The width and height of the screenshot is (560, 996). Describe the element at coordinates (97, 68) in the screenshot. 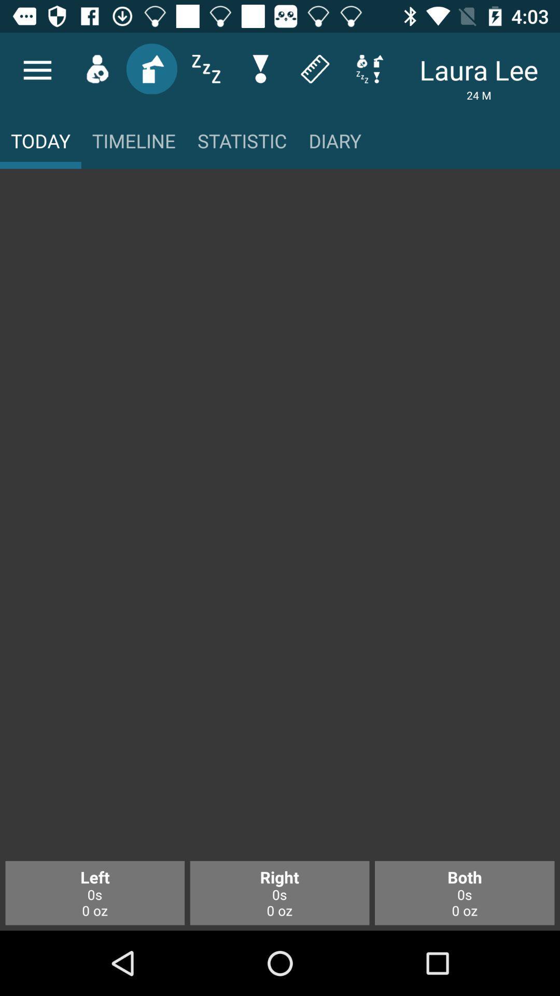

I see `the avatar icon` at that location.